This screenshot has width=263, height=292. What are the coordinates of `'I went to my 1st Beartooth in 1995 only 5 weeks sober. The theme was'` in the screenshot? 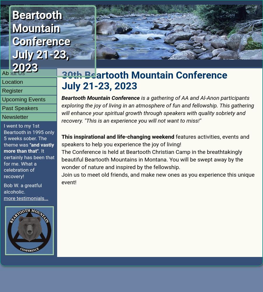 It's located at (3, 135).